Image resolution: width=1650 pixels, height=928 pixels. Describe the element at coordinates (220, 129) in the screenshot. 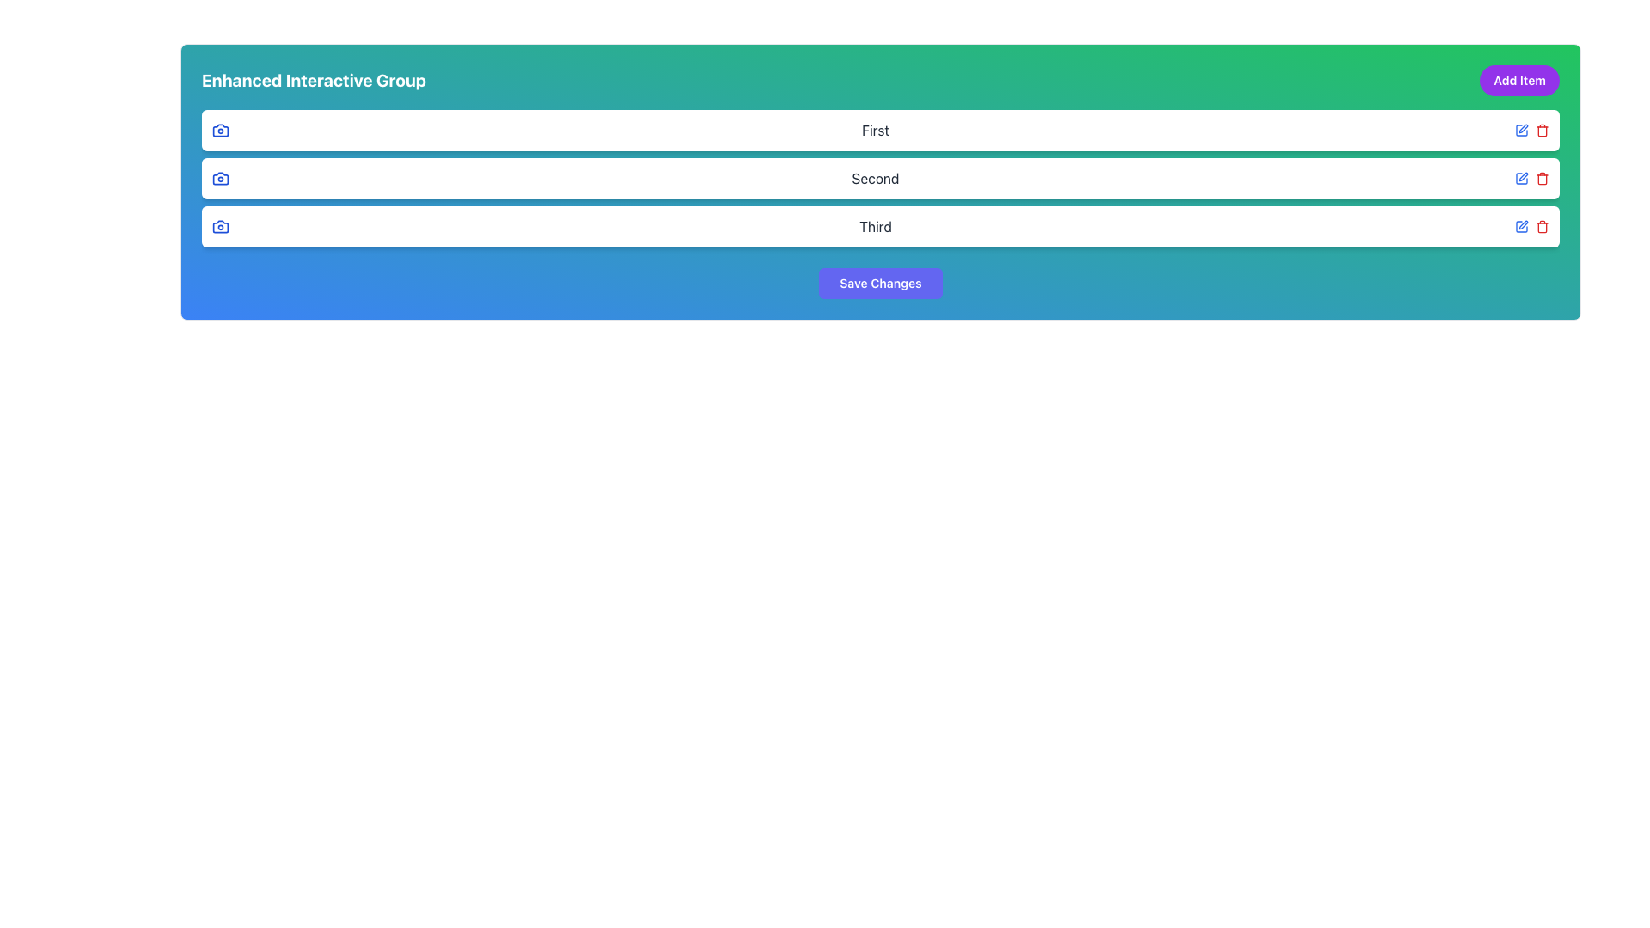

I see `the SVG camera icon located to the left in the first row labeled 'First', adjacent to the text 'First'` at that location.